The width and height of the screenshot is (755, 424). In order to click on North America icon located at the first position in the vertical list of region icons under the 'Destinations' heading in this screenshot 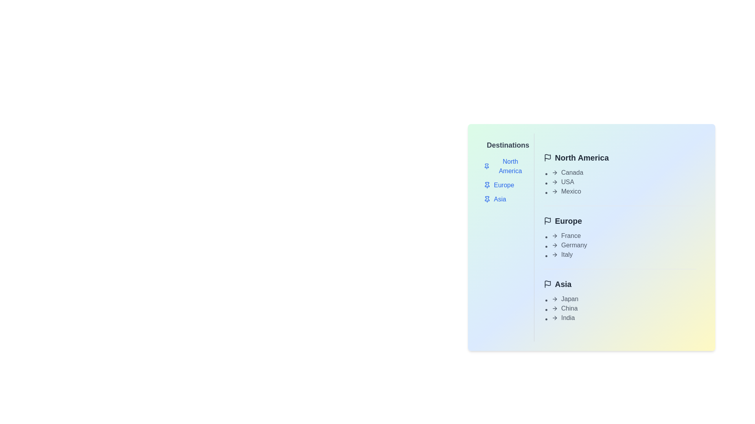, I will do `click(486, 165)`.